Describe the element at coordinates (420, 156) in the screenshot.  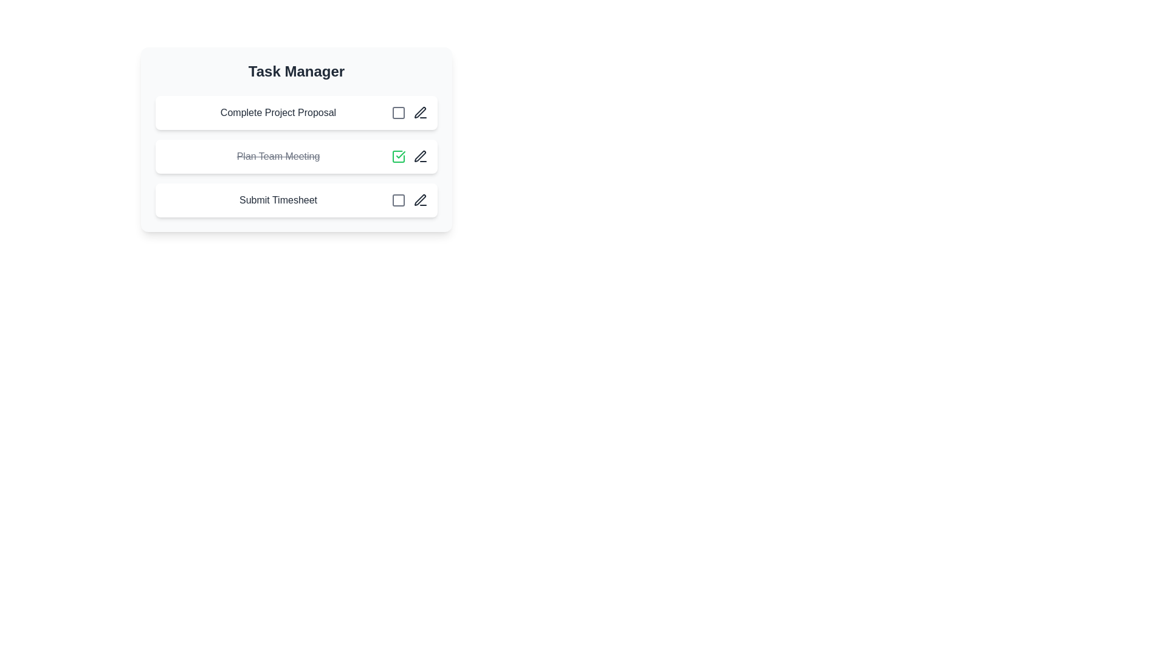
I see `the edit icon button located to the right of the 'Plan Team Meeting' task item` at that location.